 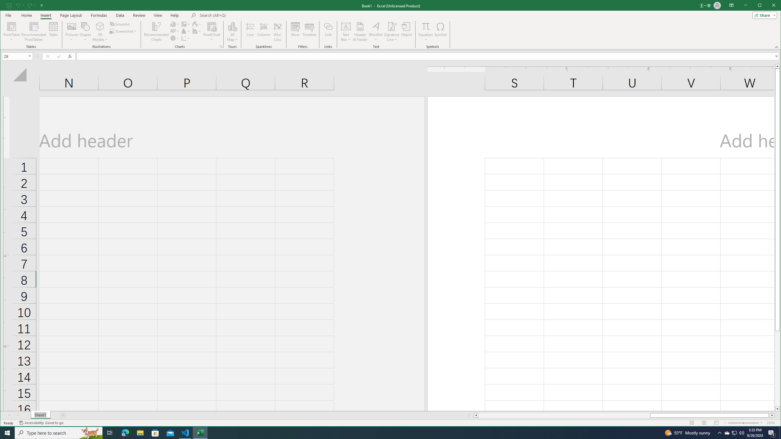 I want to click on 'Excel - 1 running window', so click(x=200, y=432).